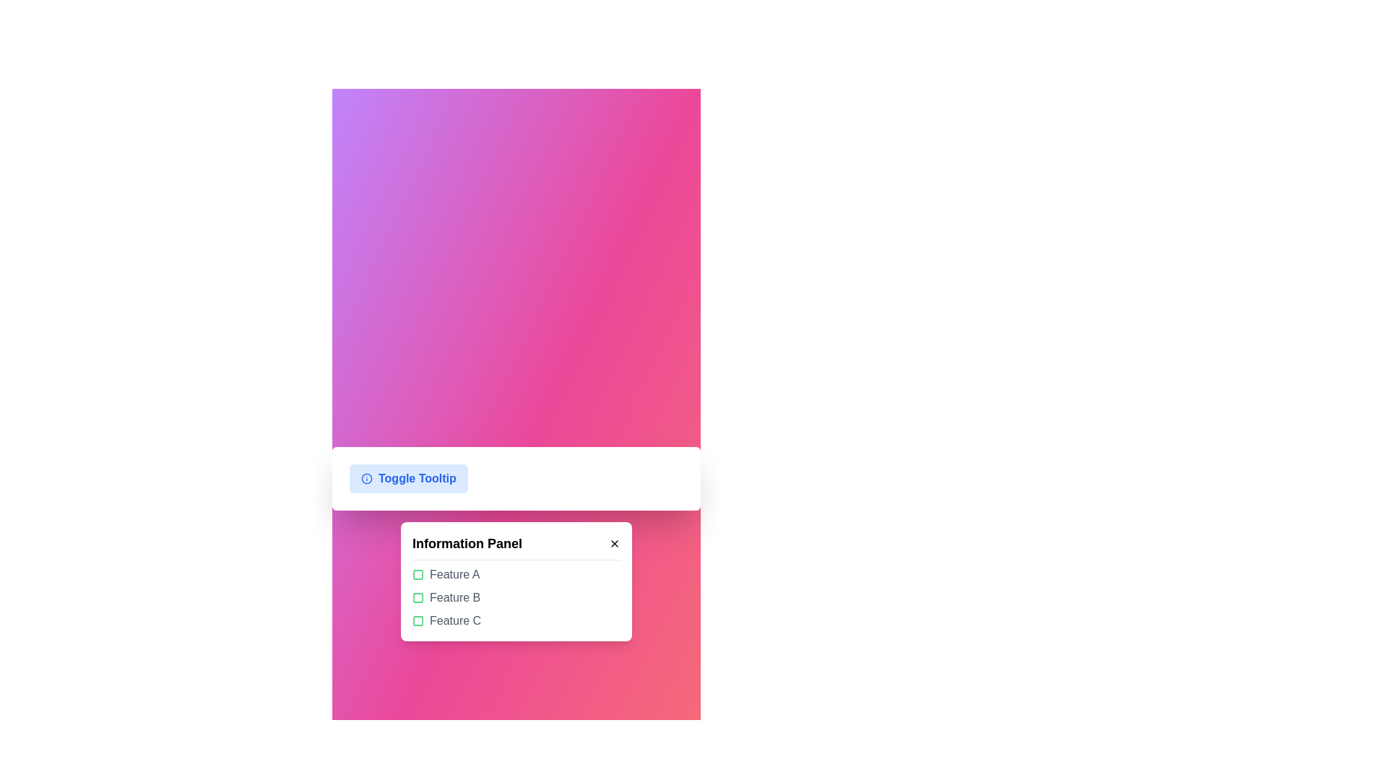  Describe the element at coordinates (367, 479) in the screenshot. I see `the visual style of the Circle graphic within the information icon, which is part of the 'Toggle Tooltip' button` at that location.